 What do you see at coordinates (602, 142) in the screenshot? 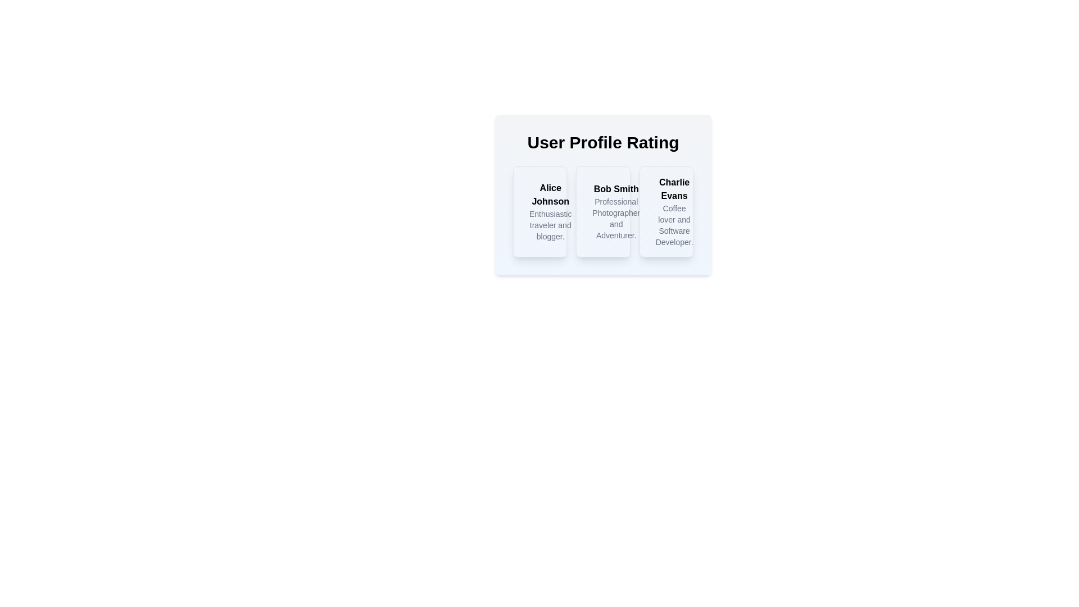
I see `the 'User Profile Rating' title, which is a bold, large-sized black text positioned at the top-center of the user profile card component` at bounding box center [602, 142].